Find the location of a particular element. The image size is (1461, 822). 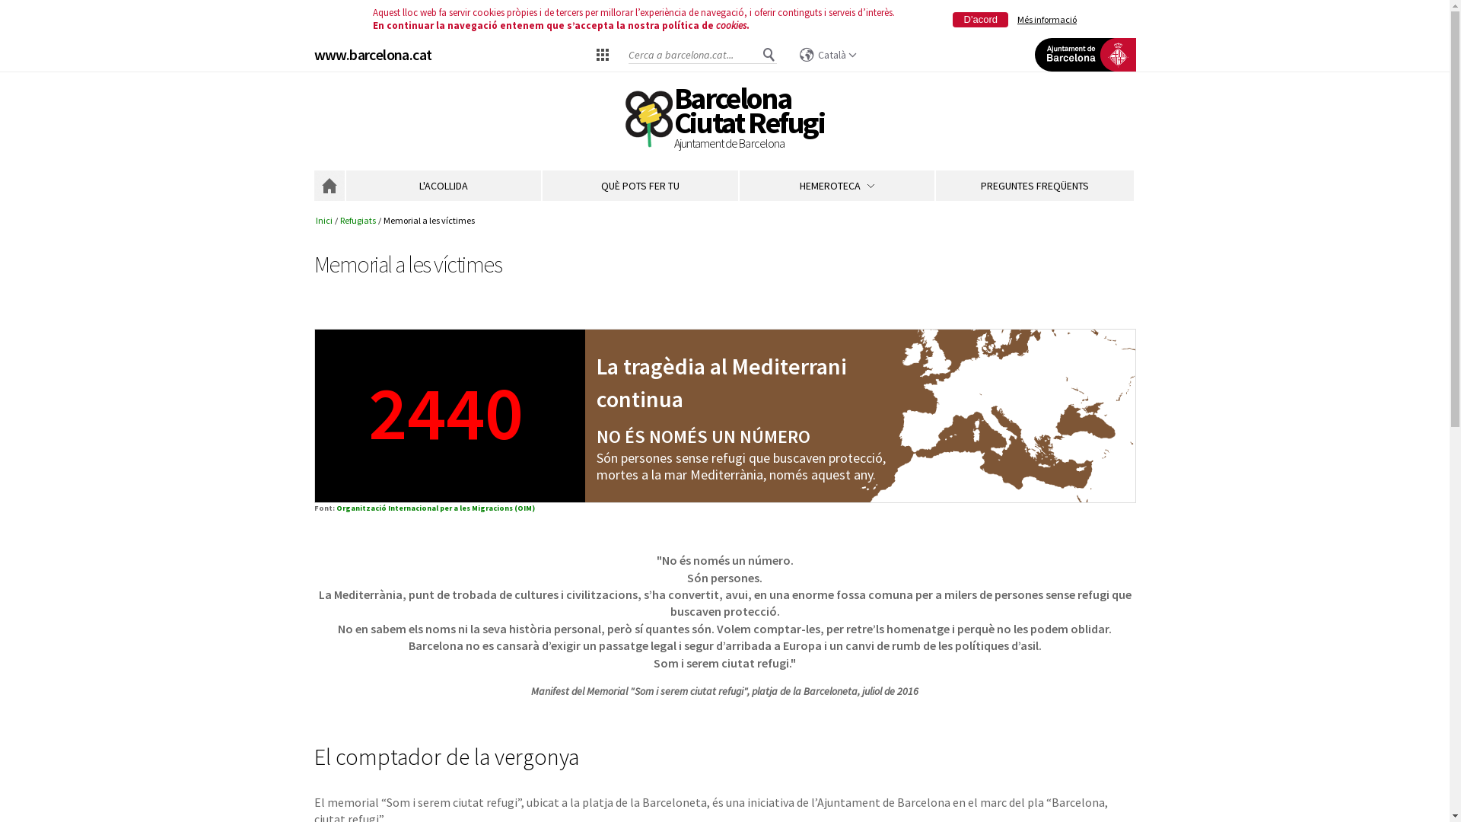

'INICI' is located at coordinates (328, 184).